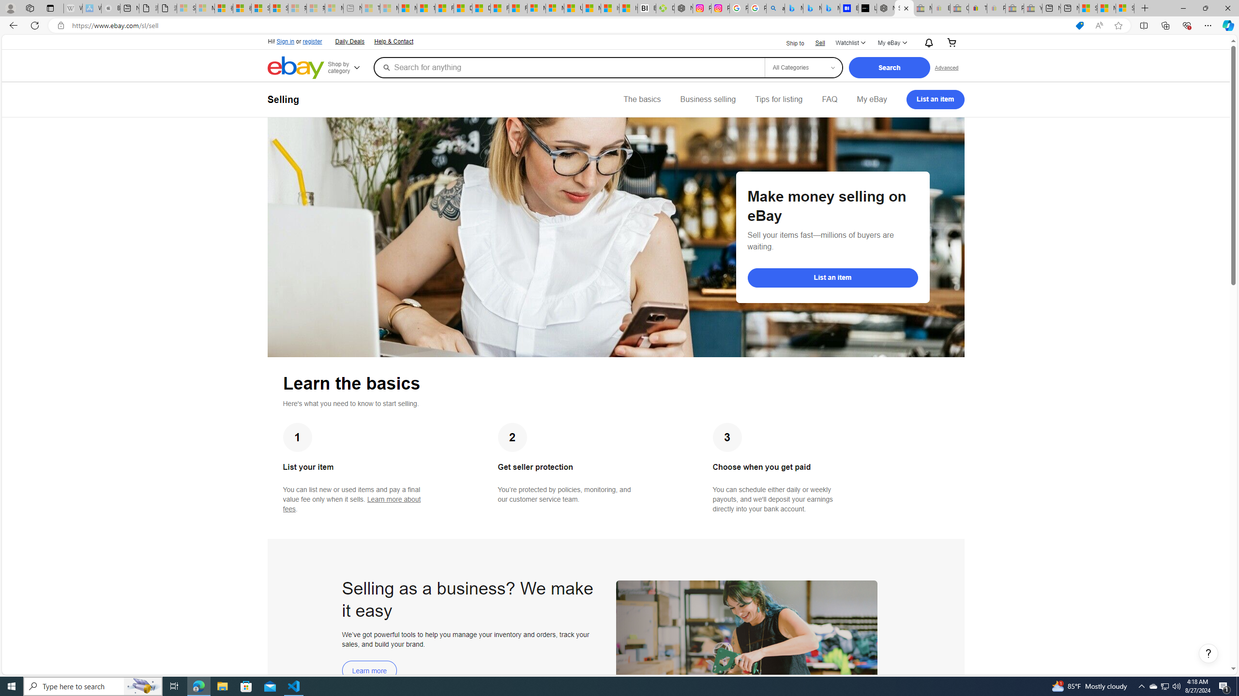  Describe the element at coordinates (444, 8) in the screenshot. I see `'Food and Drink - MSN'` at that location.